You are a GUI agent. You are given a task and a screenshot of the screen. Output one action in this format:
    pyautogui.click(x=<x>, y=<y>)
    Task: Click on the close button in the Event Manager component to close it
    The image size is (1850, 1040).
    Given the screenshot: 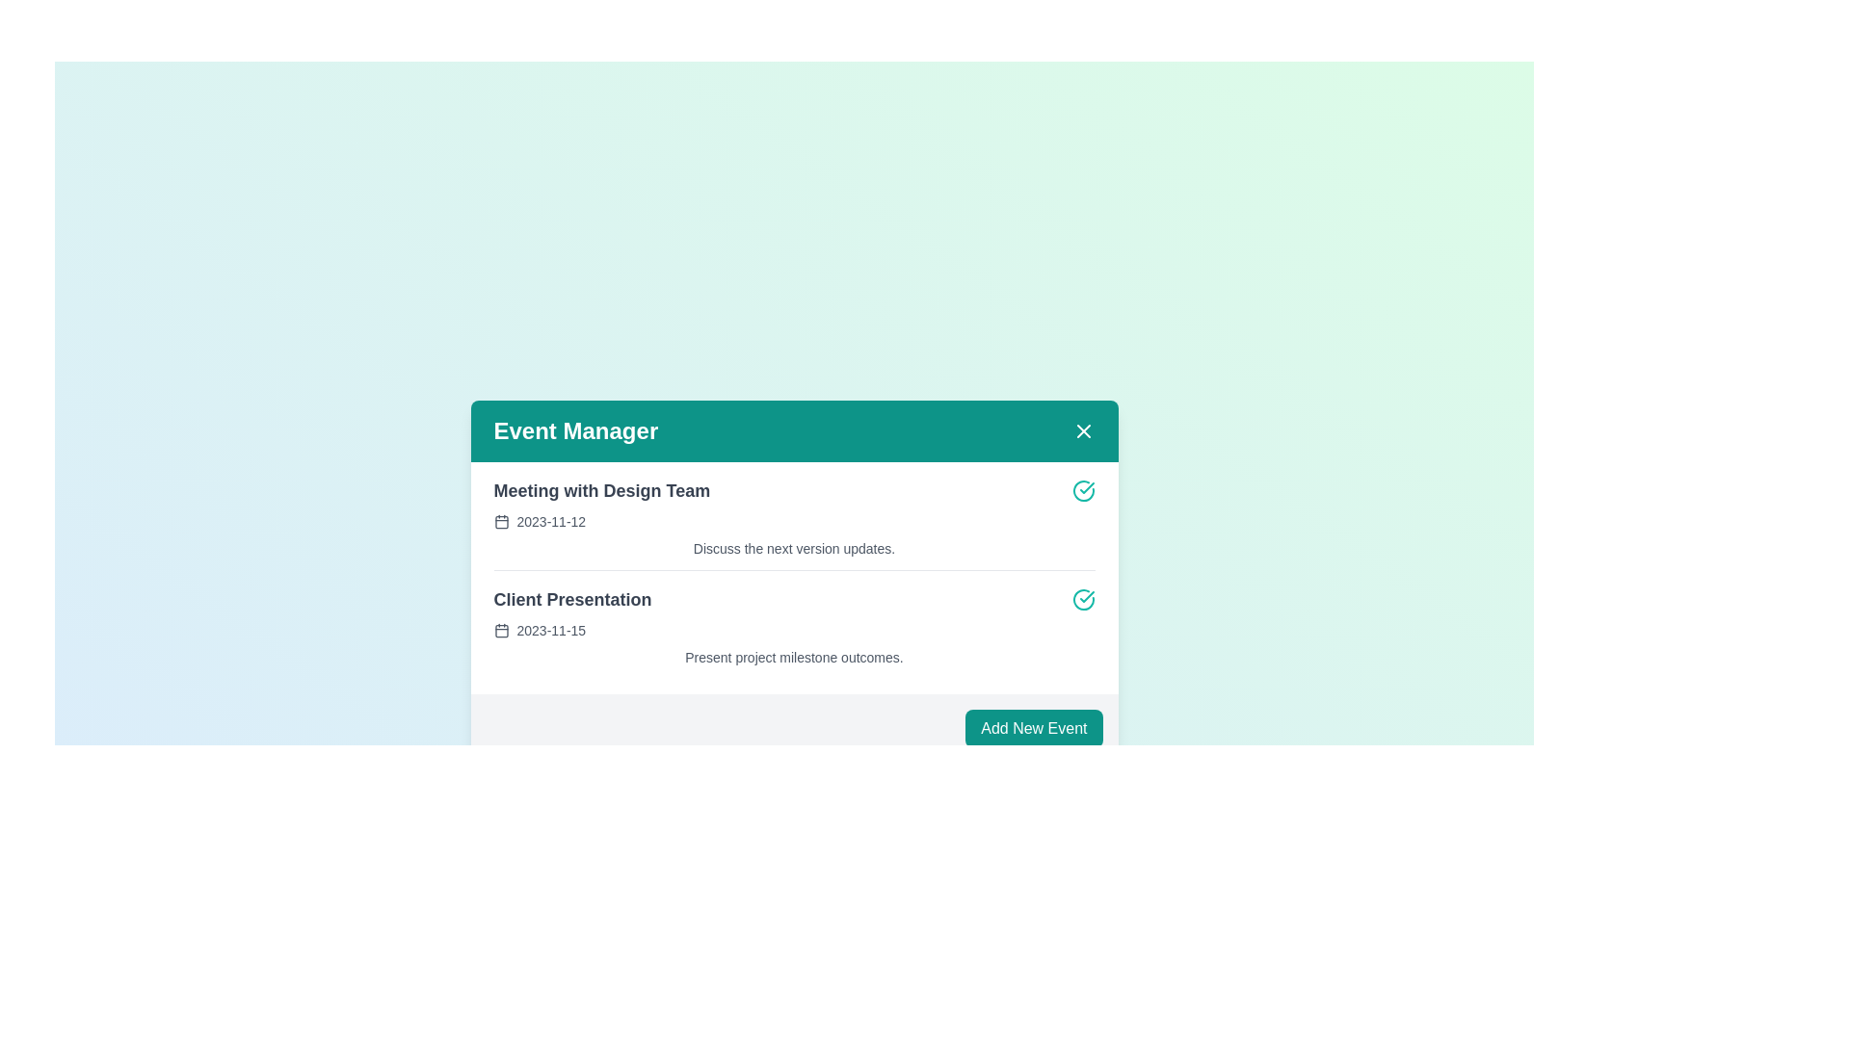 What is the action you would take?
    pyautogui.click(x=1083, y=429)
    